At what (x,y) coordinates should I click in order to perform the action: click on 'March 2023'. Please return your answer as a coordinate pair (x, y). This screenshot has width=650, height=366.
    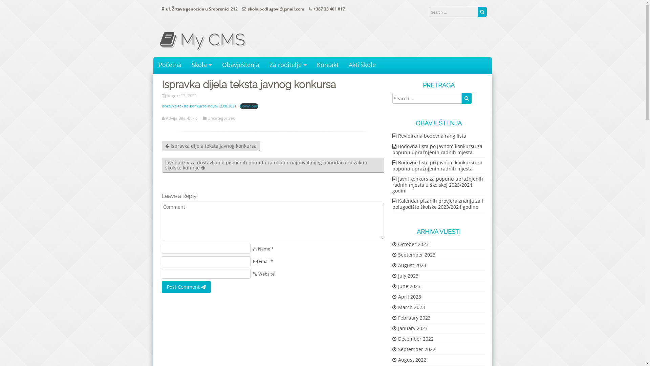
    Looking at the image, I should click on (408, 307).